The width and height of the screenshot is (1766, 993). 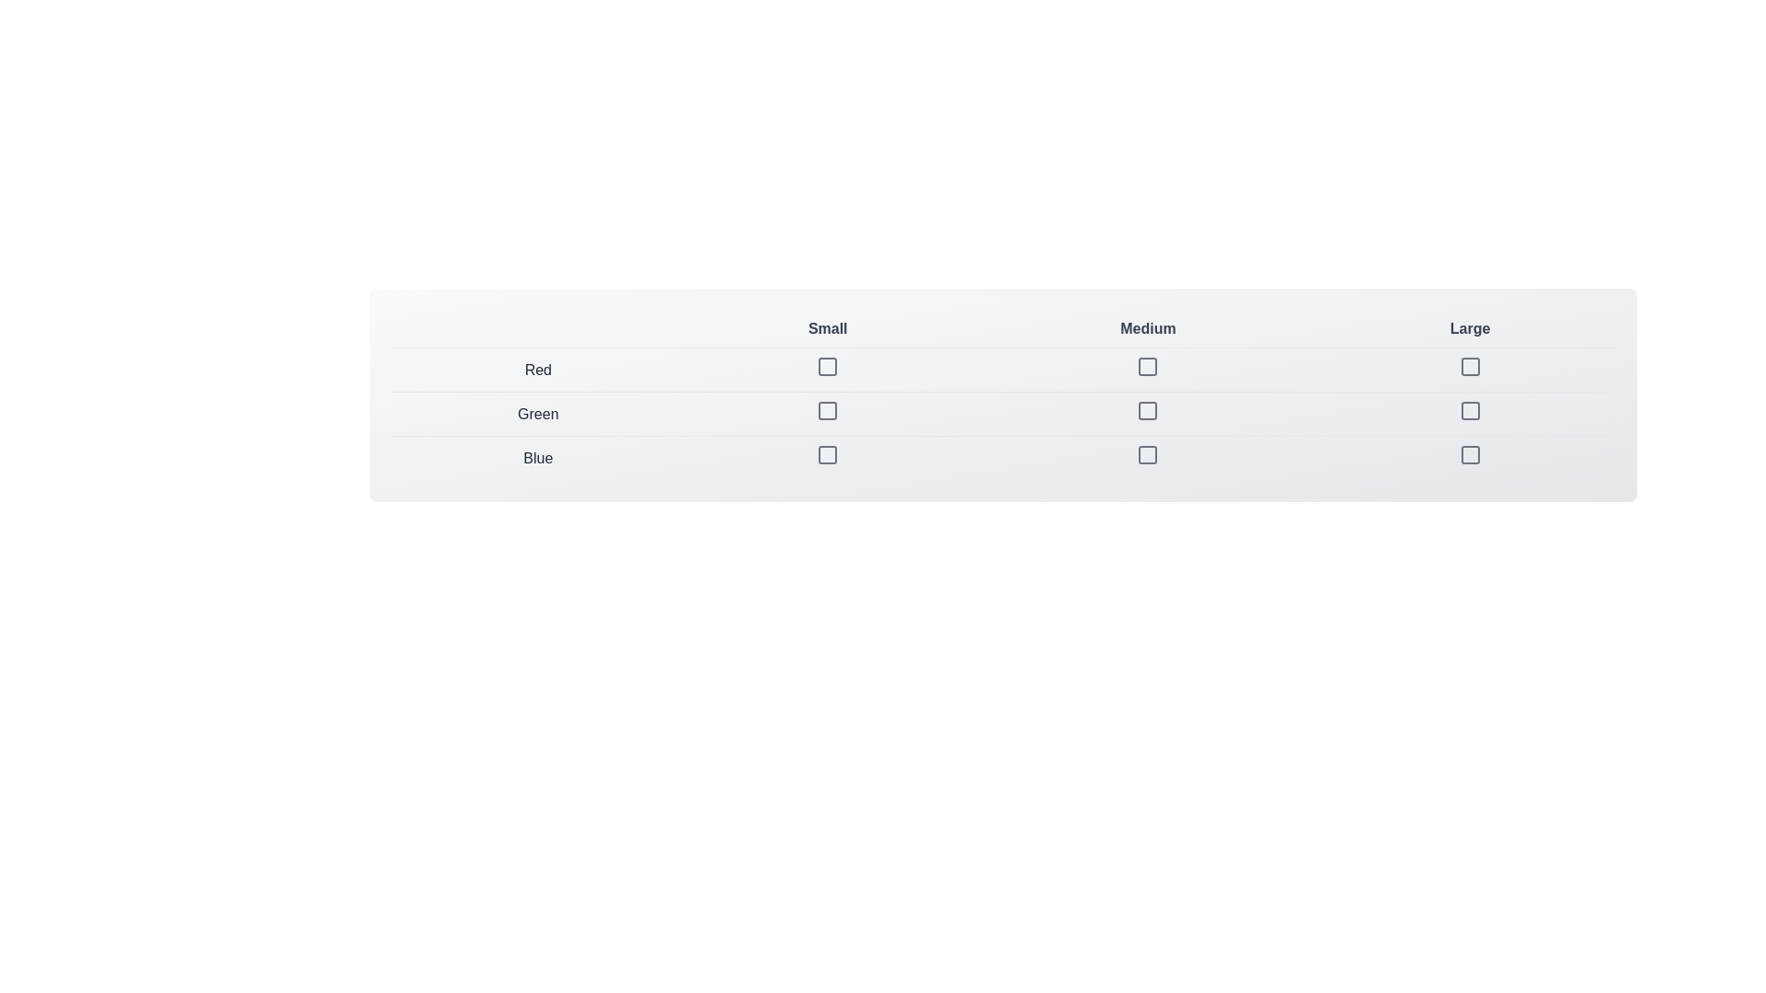 I want to click on the second checkbox in the first column under the 'Small' header, so click(x=827, y=410).